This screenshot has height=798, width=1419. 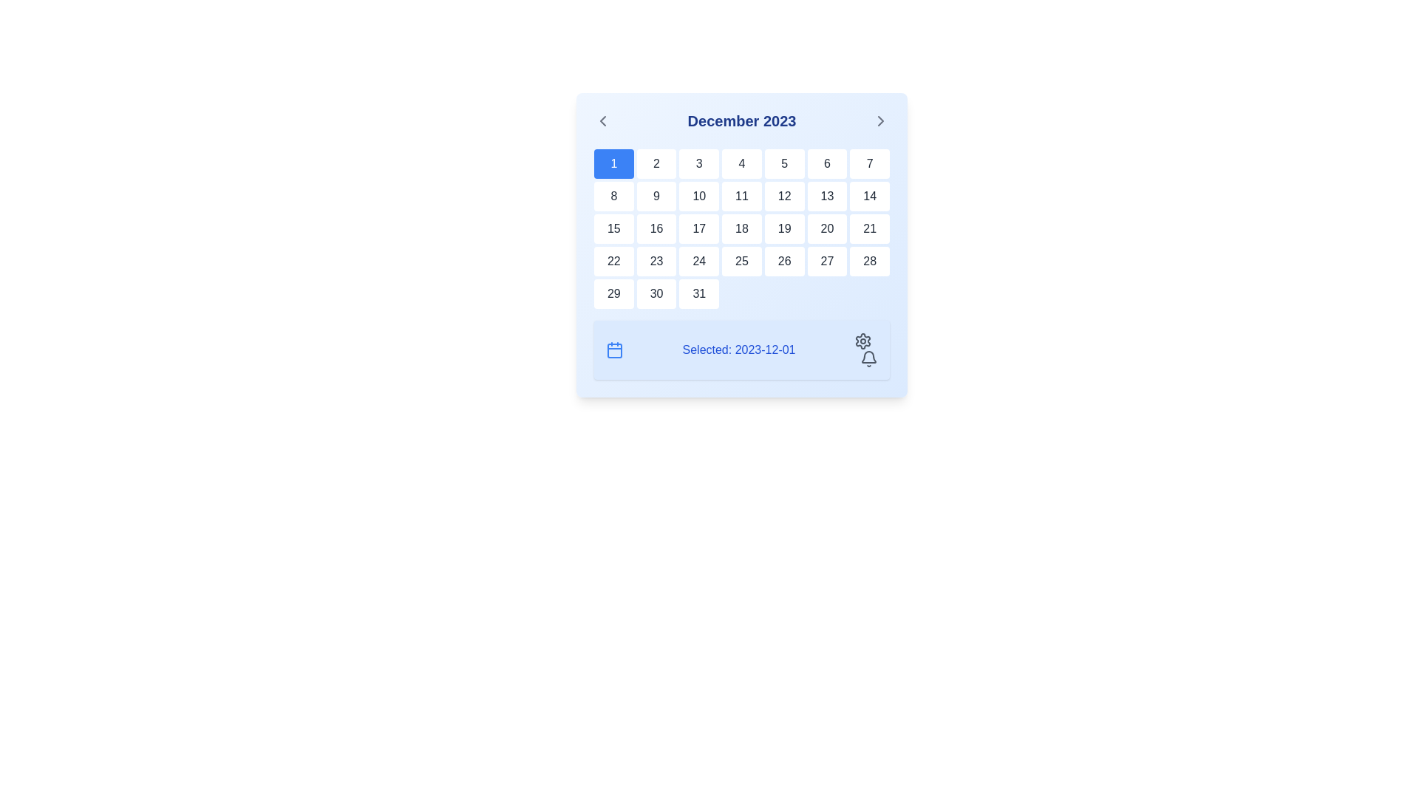 What do you see at coordinates (783, 261) in the screenshot?
I see `the clickable calendar date cell representing the 26th day of December 2023 to observe the hover effect` at bounding box center [783, 261].